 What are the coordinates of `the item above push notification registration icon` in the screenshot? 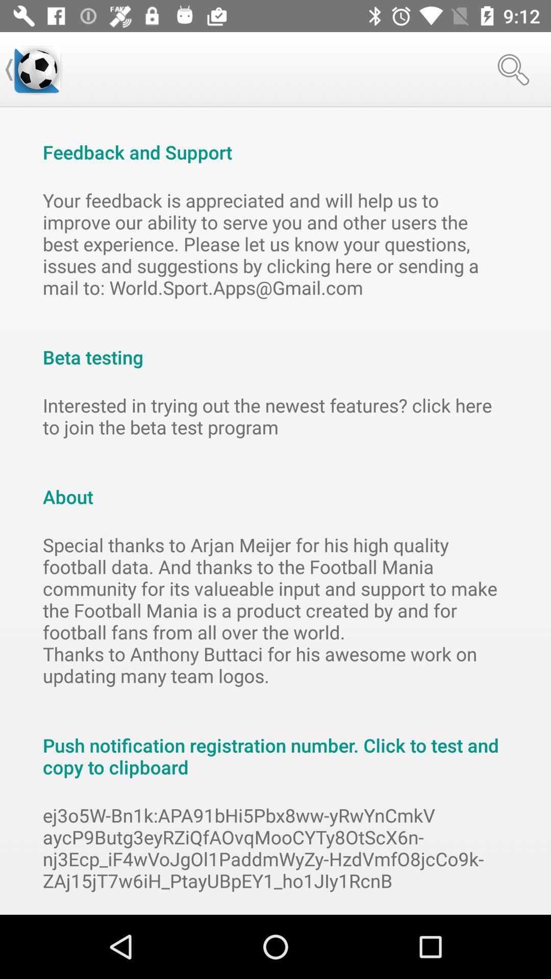 It's located at (275, 610).